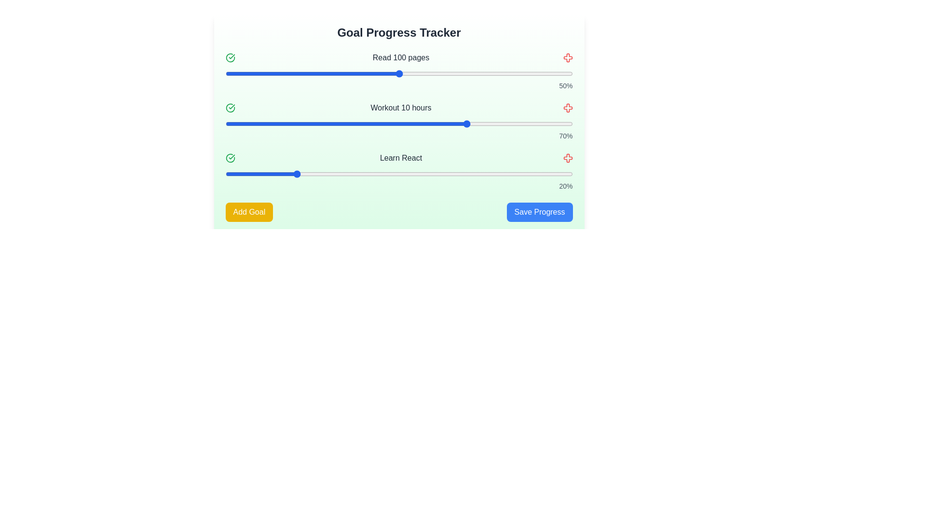 The image size is (926, 521). Describe the element at coordinates (273, 73) in the screenshot. I see `the progress slider for the goal 'Read 100 pages' to 14%` at that location.